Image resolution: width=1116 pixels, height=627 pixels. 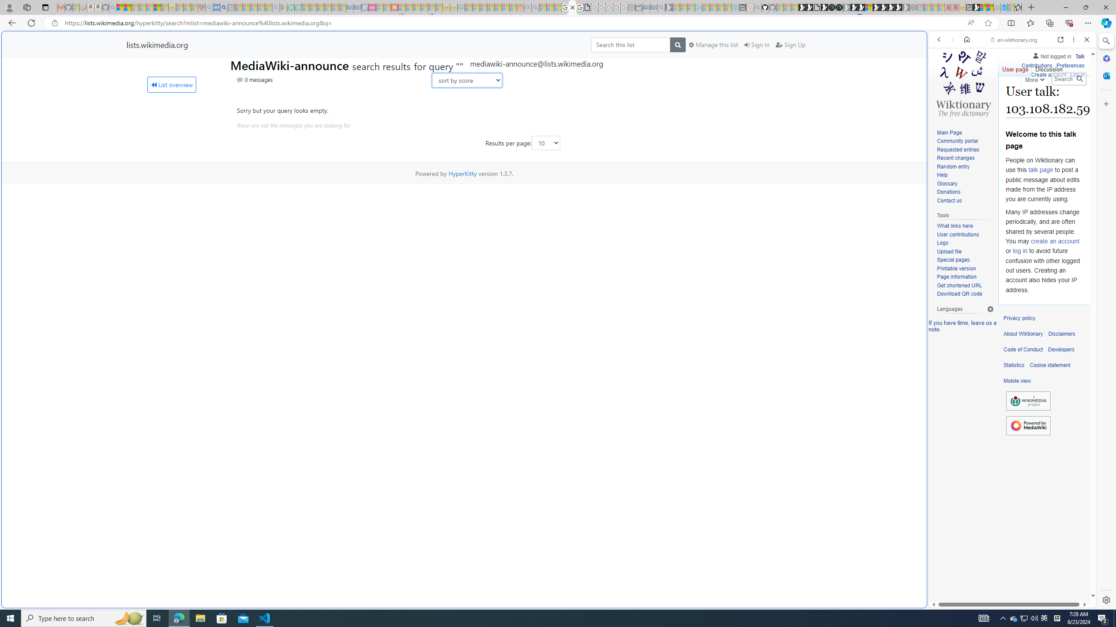 I want to click on 'Disclaimers', so click(x=1061, y=334).